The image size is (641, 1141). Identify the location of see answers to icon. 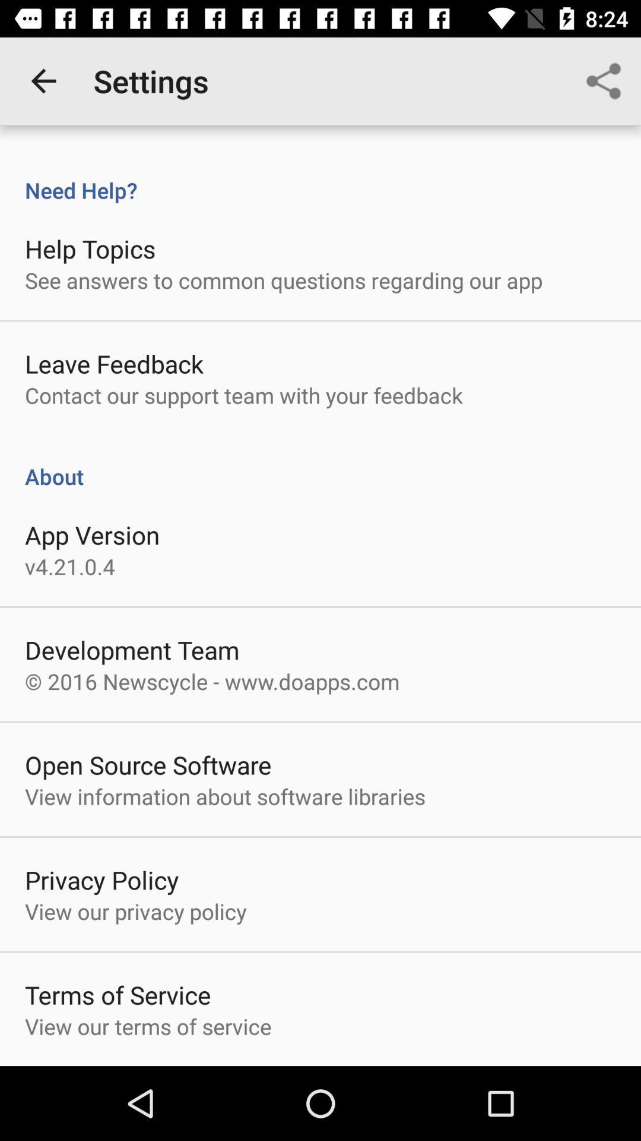
(284, 279).